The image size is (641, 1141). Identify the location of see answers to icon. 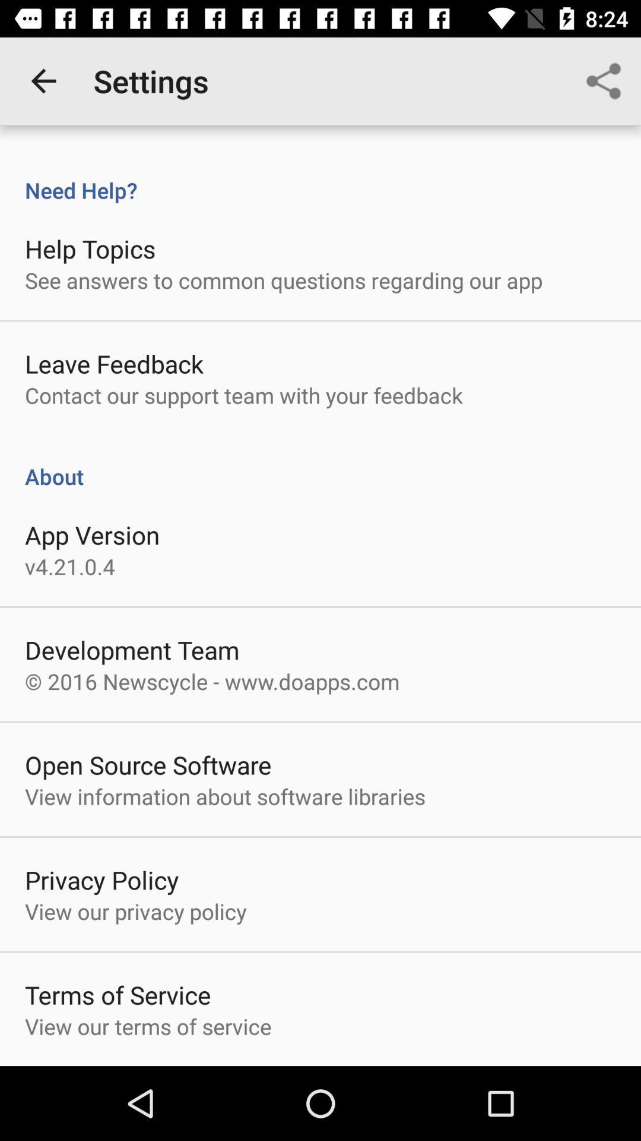
(284, 279).